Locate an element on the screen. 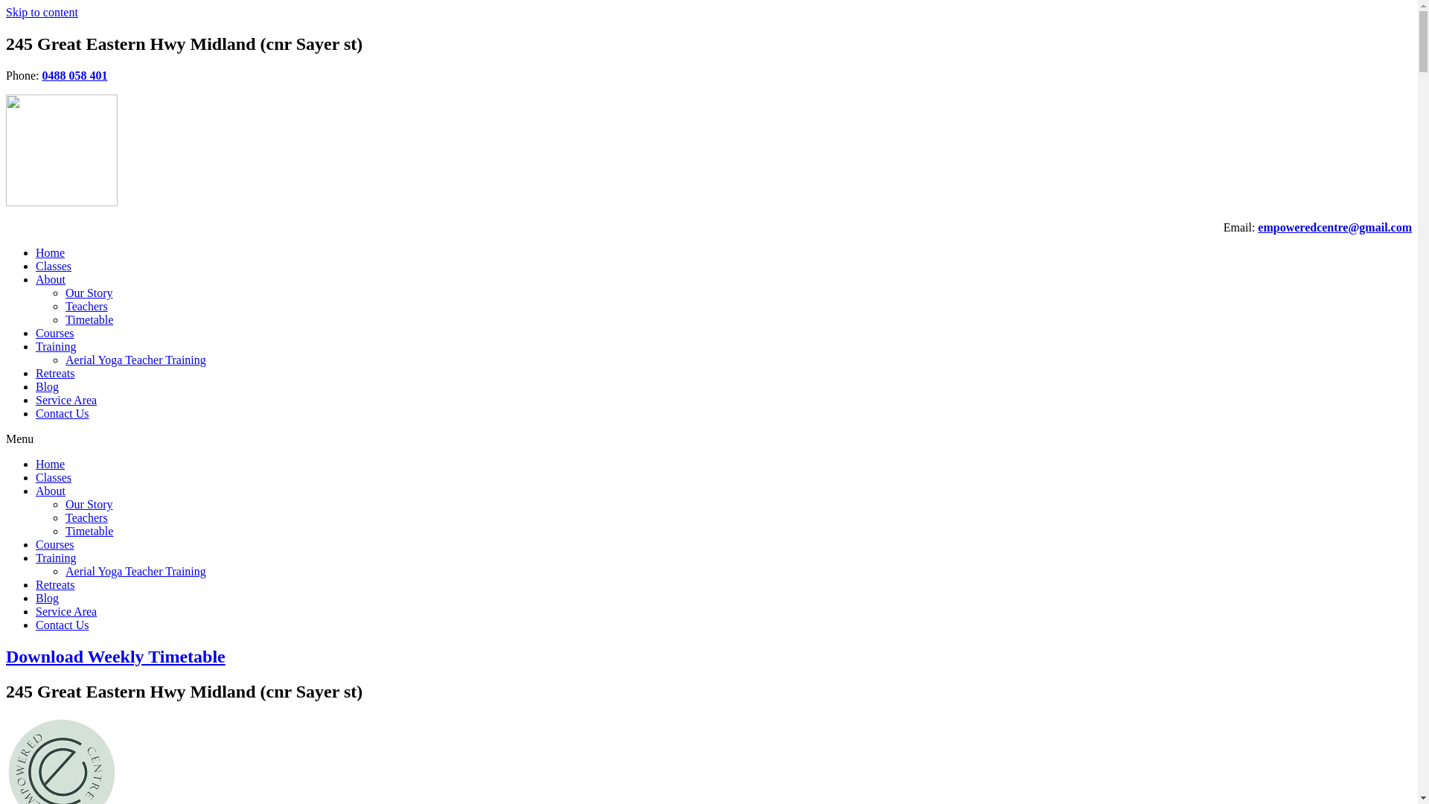 The image size is (1429, 804). 'Teachers' is located at coordinates (64, 517).